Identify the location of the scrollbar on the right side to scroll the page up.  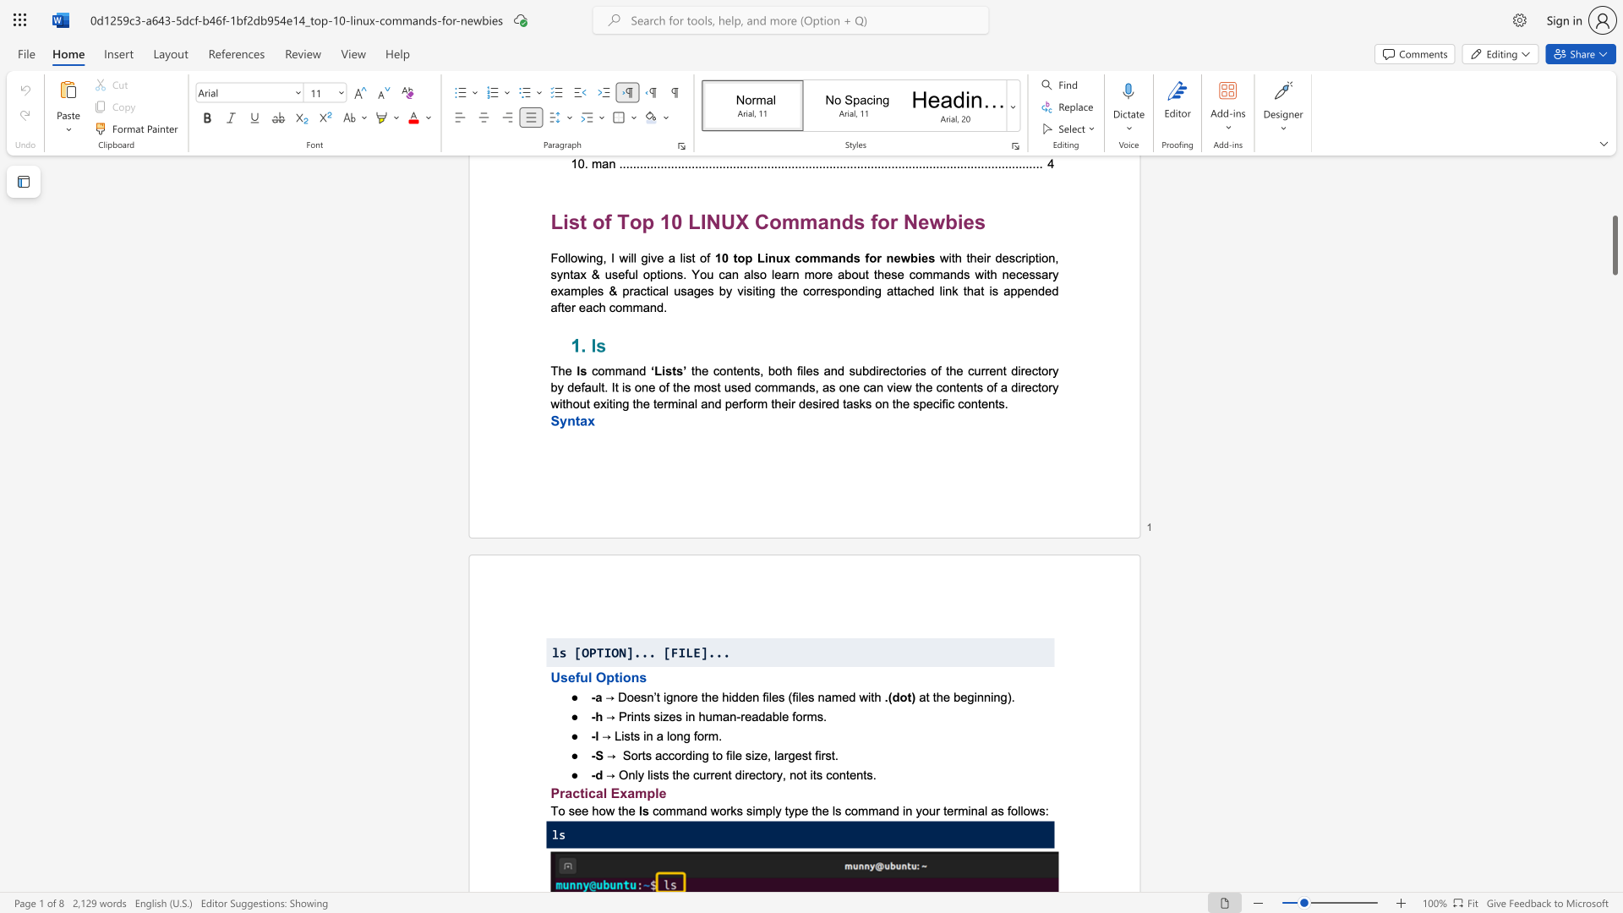
(1614, 295).